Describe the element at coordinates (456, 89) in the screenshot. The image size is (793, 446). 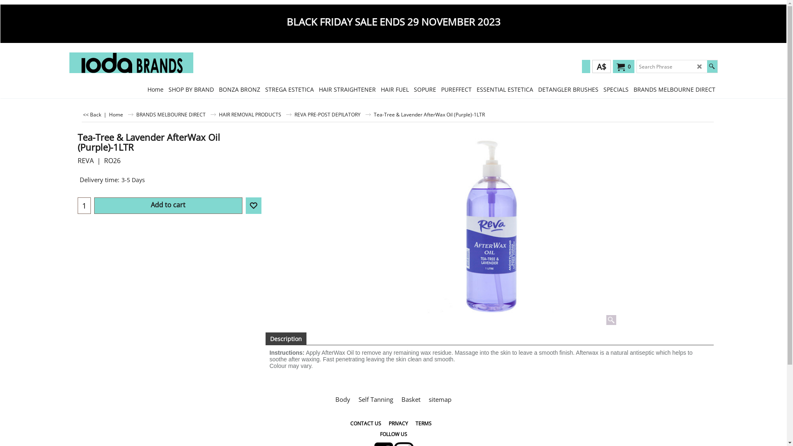
I see `'PUREFFECT'` at that location.